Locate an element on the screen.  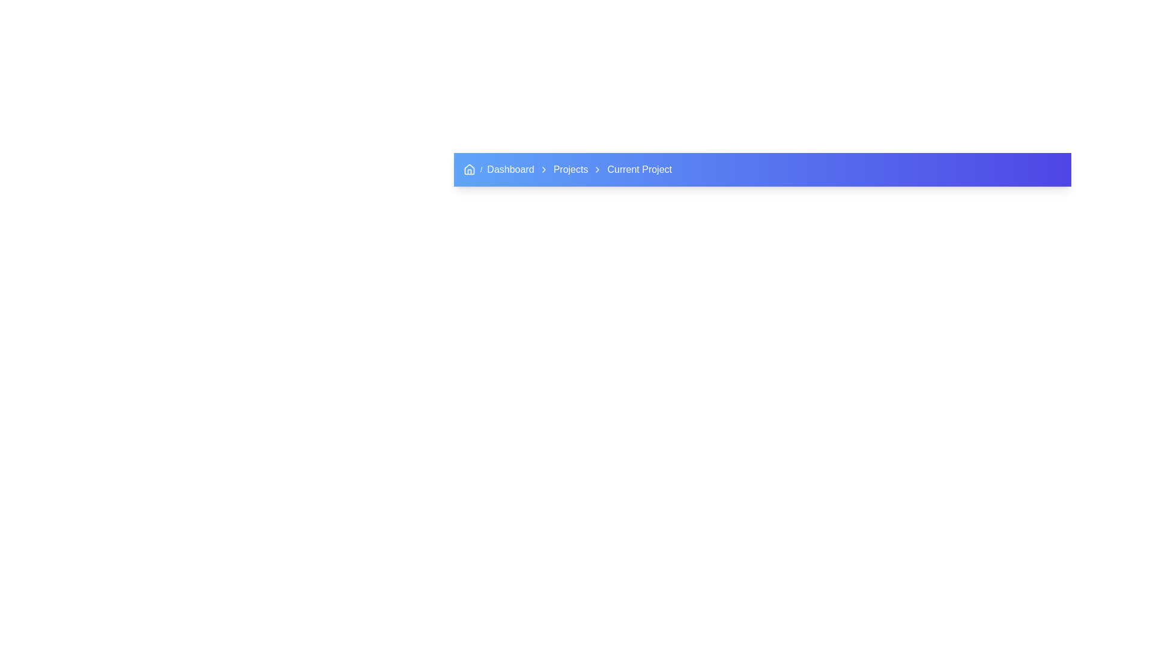
text of the breadcrumb navigation label indicating the current page or section, positioned to the right of the 'Projects' label is located at coordinates (639, 169).